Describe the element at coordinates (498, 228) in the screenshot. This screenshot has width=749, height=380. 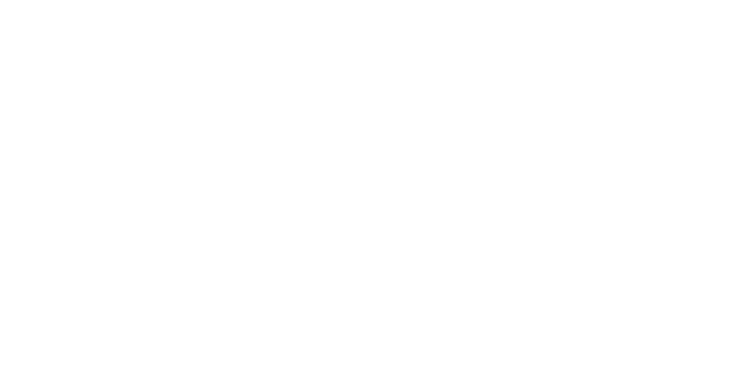
I see `'Buying Groups'` at that location.